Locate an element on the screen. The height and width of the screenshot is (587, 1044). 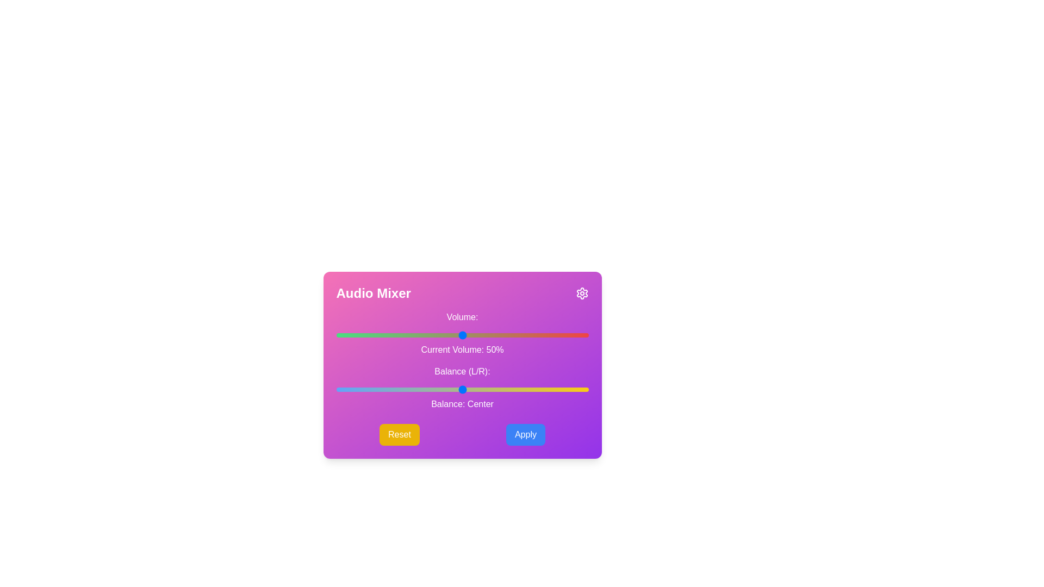
the volume slider to set the volume to 66% is located at coordinates (502, 335).